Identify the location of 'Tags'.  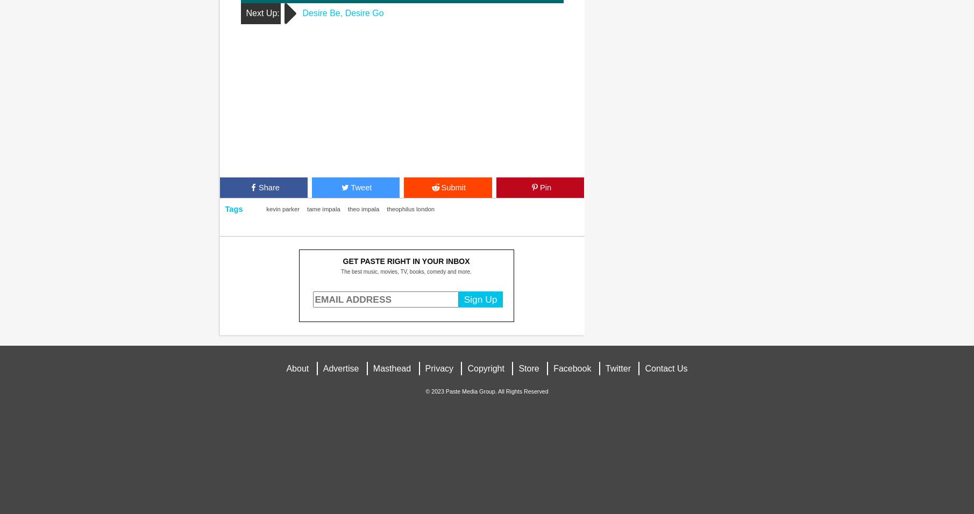
(224, 209).